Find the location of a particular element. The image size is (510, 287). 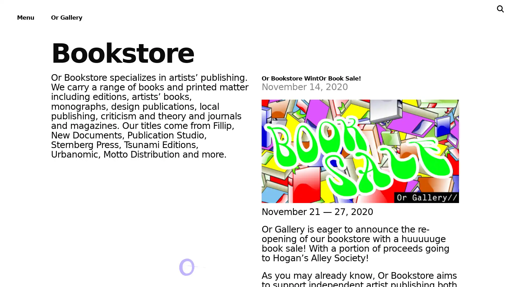

About is located at coordinates (115, 211).